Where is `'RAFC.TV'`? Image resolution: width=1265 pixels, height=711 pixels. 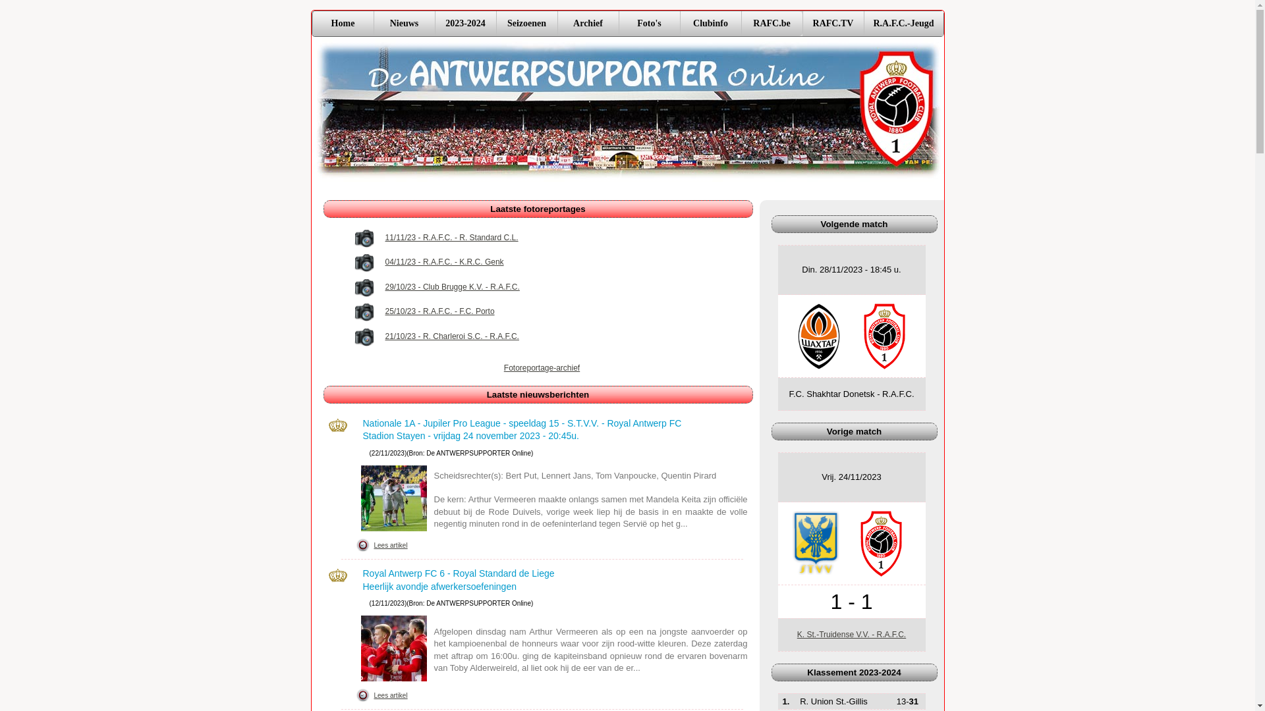
'RAFC.TV' is located at coordinates (832, 23).